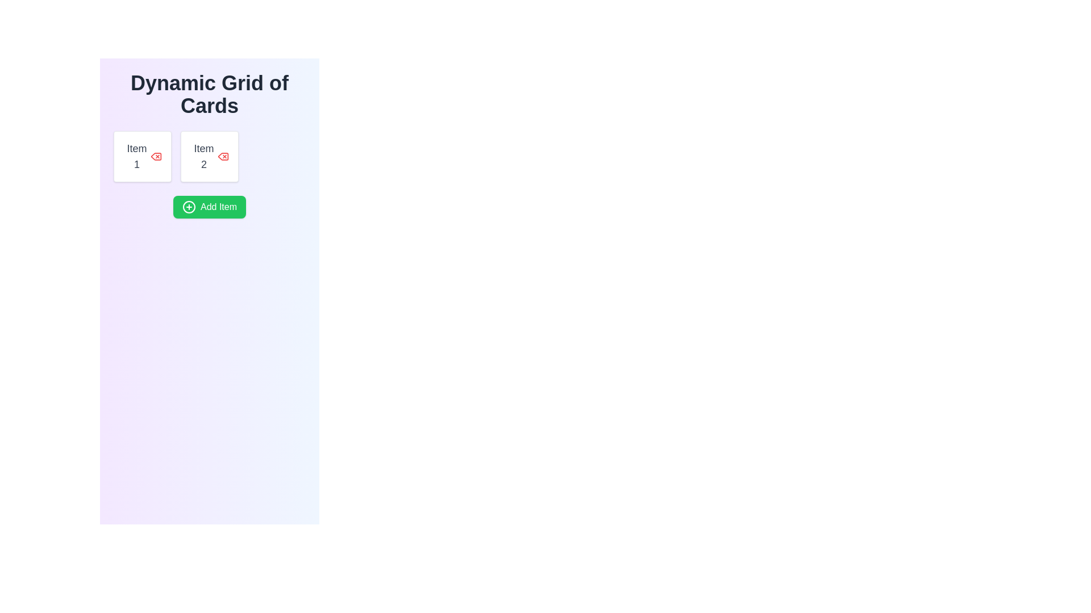  I want to click on the appearance of the circular SVG graphical element that represents the action of adding an item, located within the green rectangular button below 'Item 1' and 'Item 2', so click(189, 207).